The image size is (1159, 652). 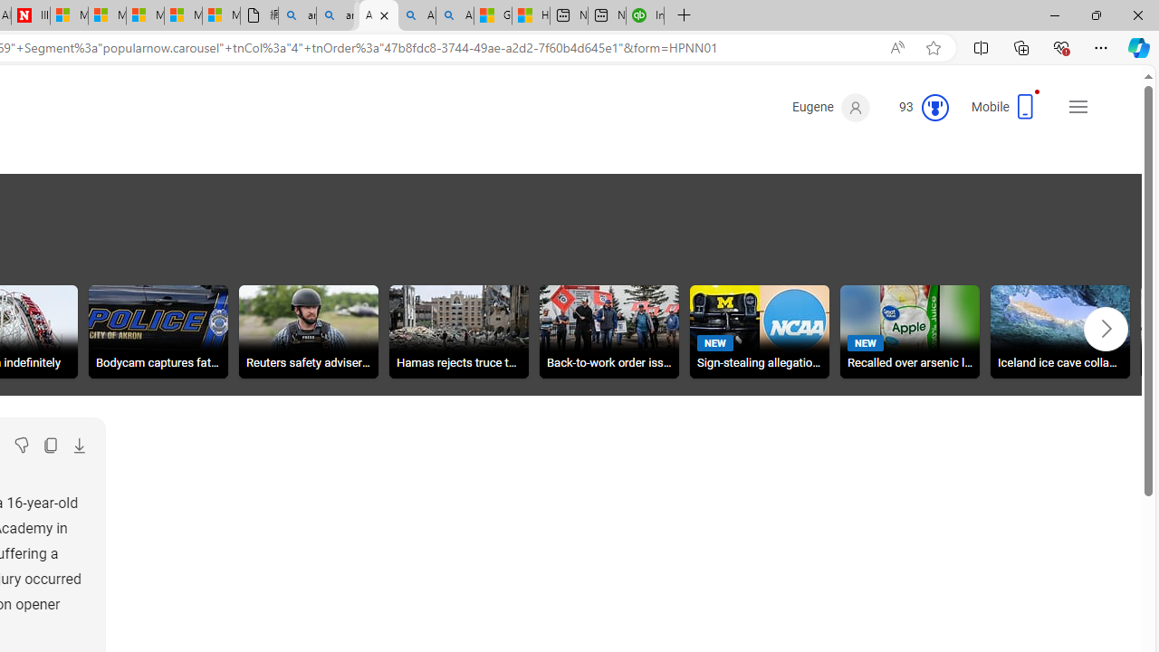 I want to click on 'Export', so click(x=78, y=446).